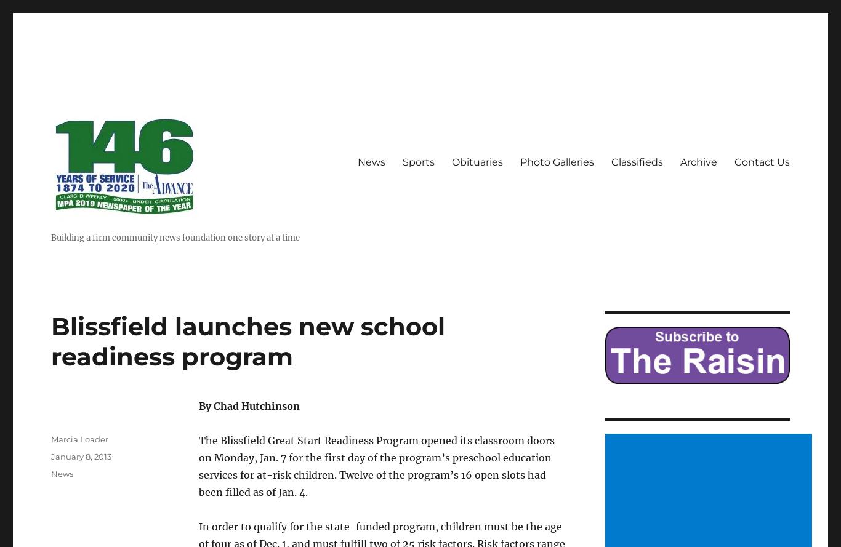  Describe the element at coordinates (80, 455) in the screenshot. I see `'January 8, 2013'` at that location.